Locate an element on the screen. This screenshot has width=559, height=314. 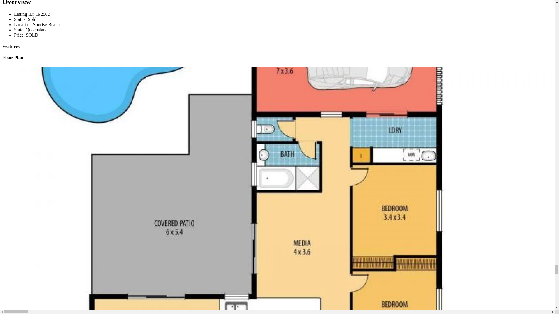
'The Latest' is located at coordinates (23, 28).